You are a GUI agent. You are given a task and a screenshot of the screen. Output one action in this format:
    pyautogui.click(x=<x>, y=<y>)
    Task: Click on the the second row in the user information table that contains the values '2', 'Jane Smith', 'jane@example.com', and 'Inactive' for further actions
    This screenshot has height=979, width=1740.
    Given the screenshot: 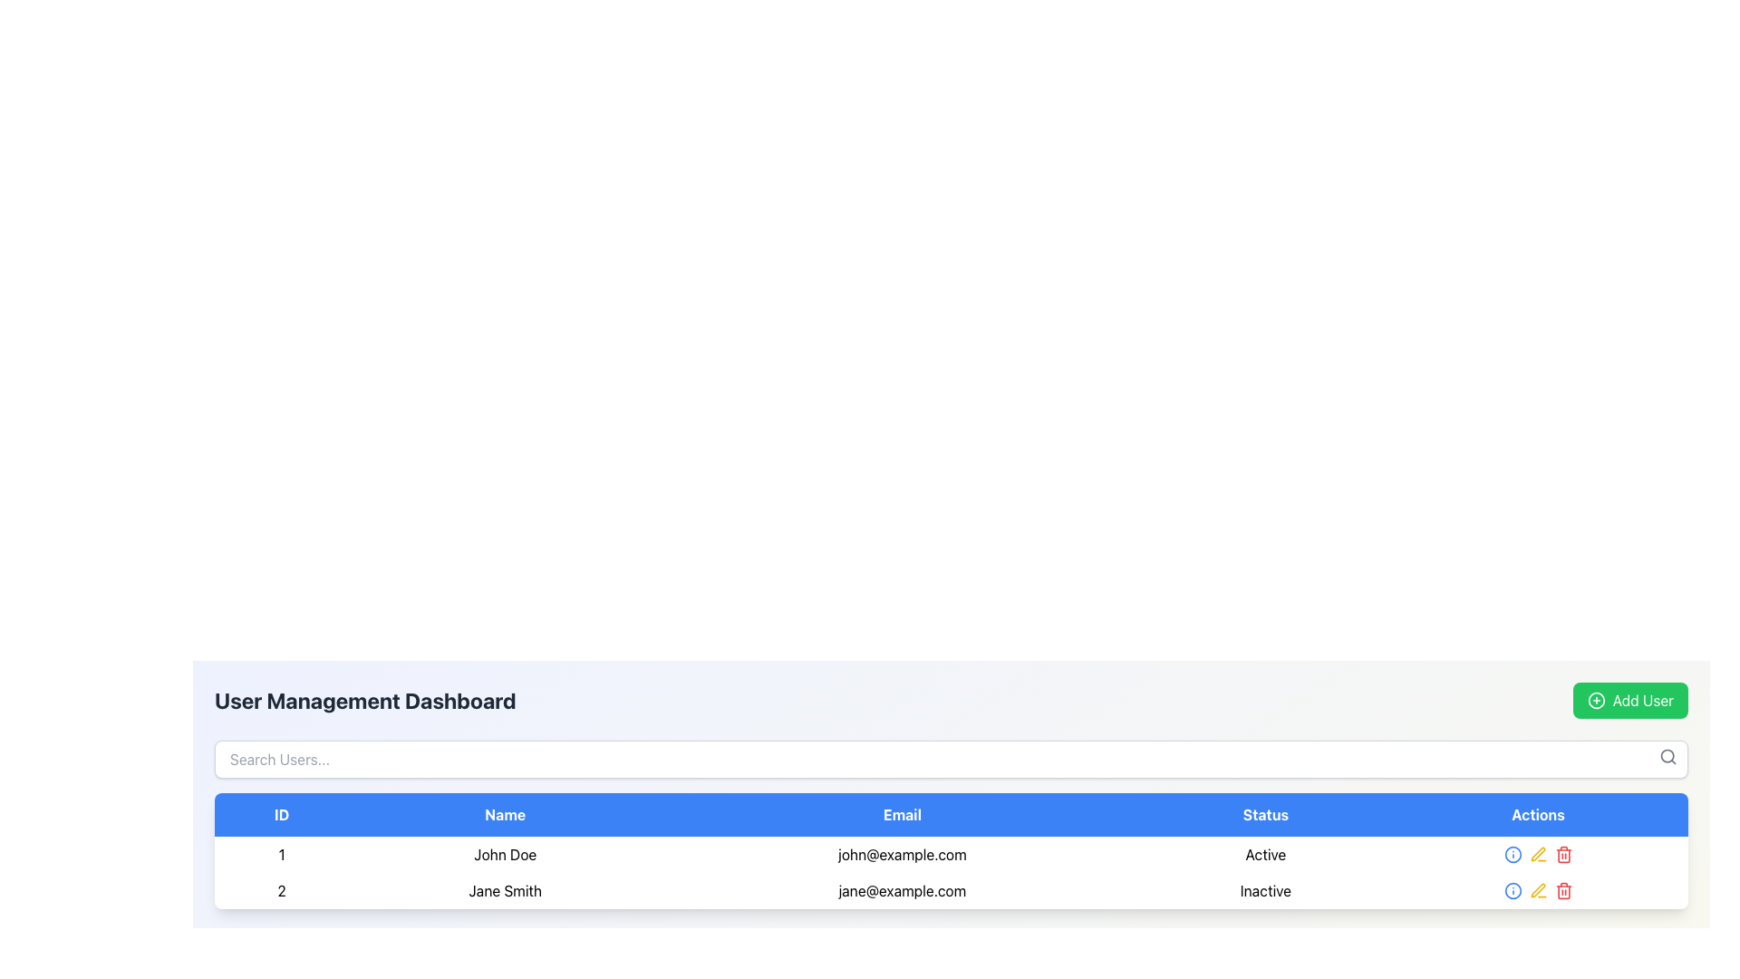 What is the action you would take?
    pyautogui.click(x=951, y=890)
    